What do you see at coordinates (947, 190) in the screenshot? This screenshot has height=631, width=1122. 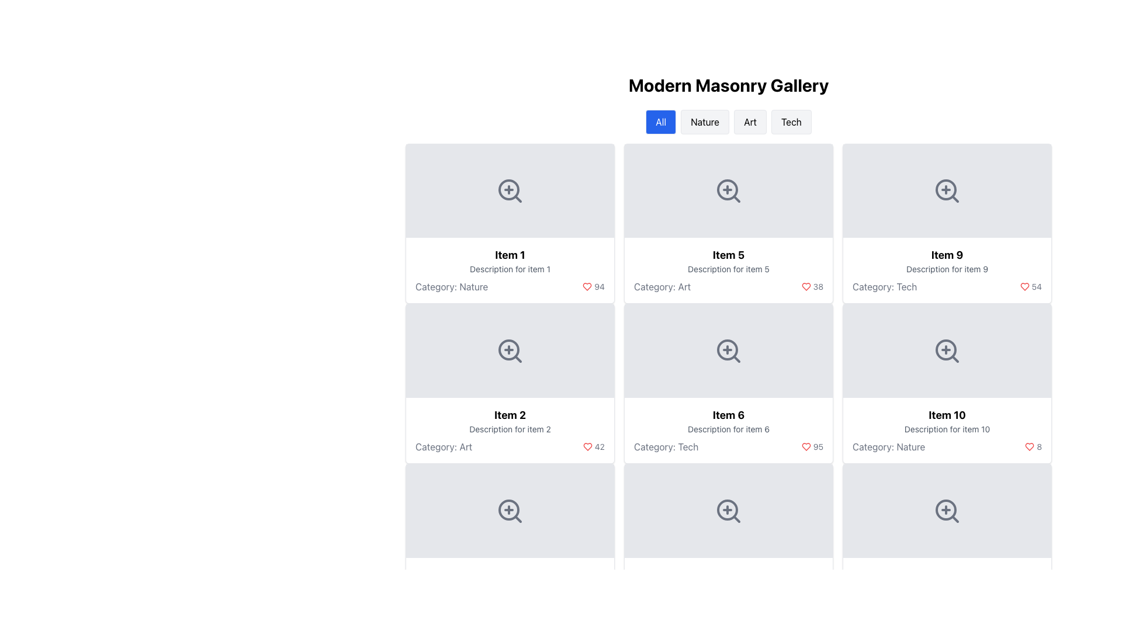 I see `the Decorative icon located at the top-center of the card labeled 'Item 9' in the third column and first row of the grid layout, which indicates a zoom-in functionality` at bounding box center [947, 190].